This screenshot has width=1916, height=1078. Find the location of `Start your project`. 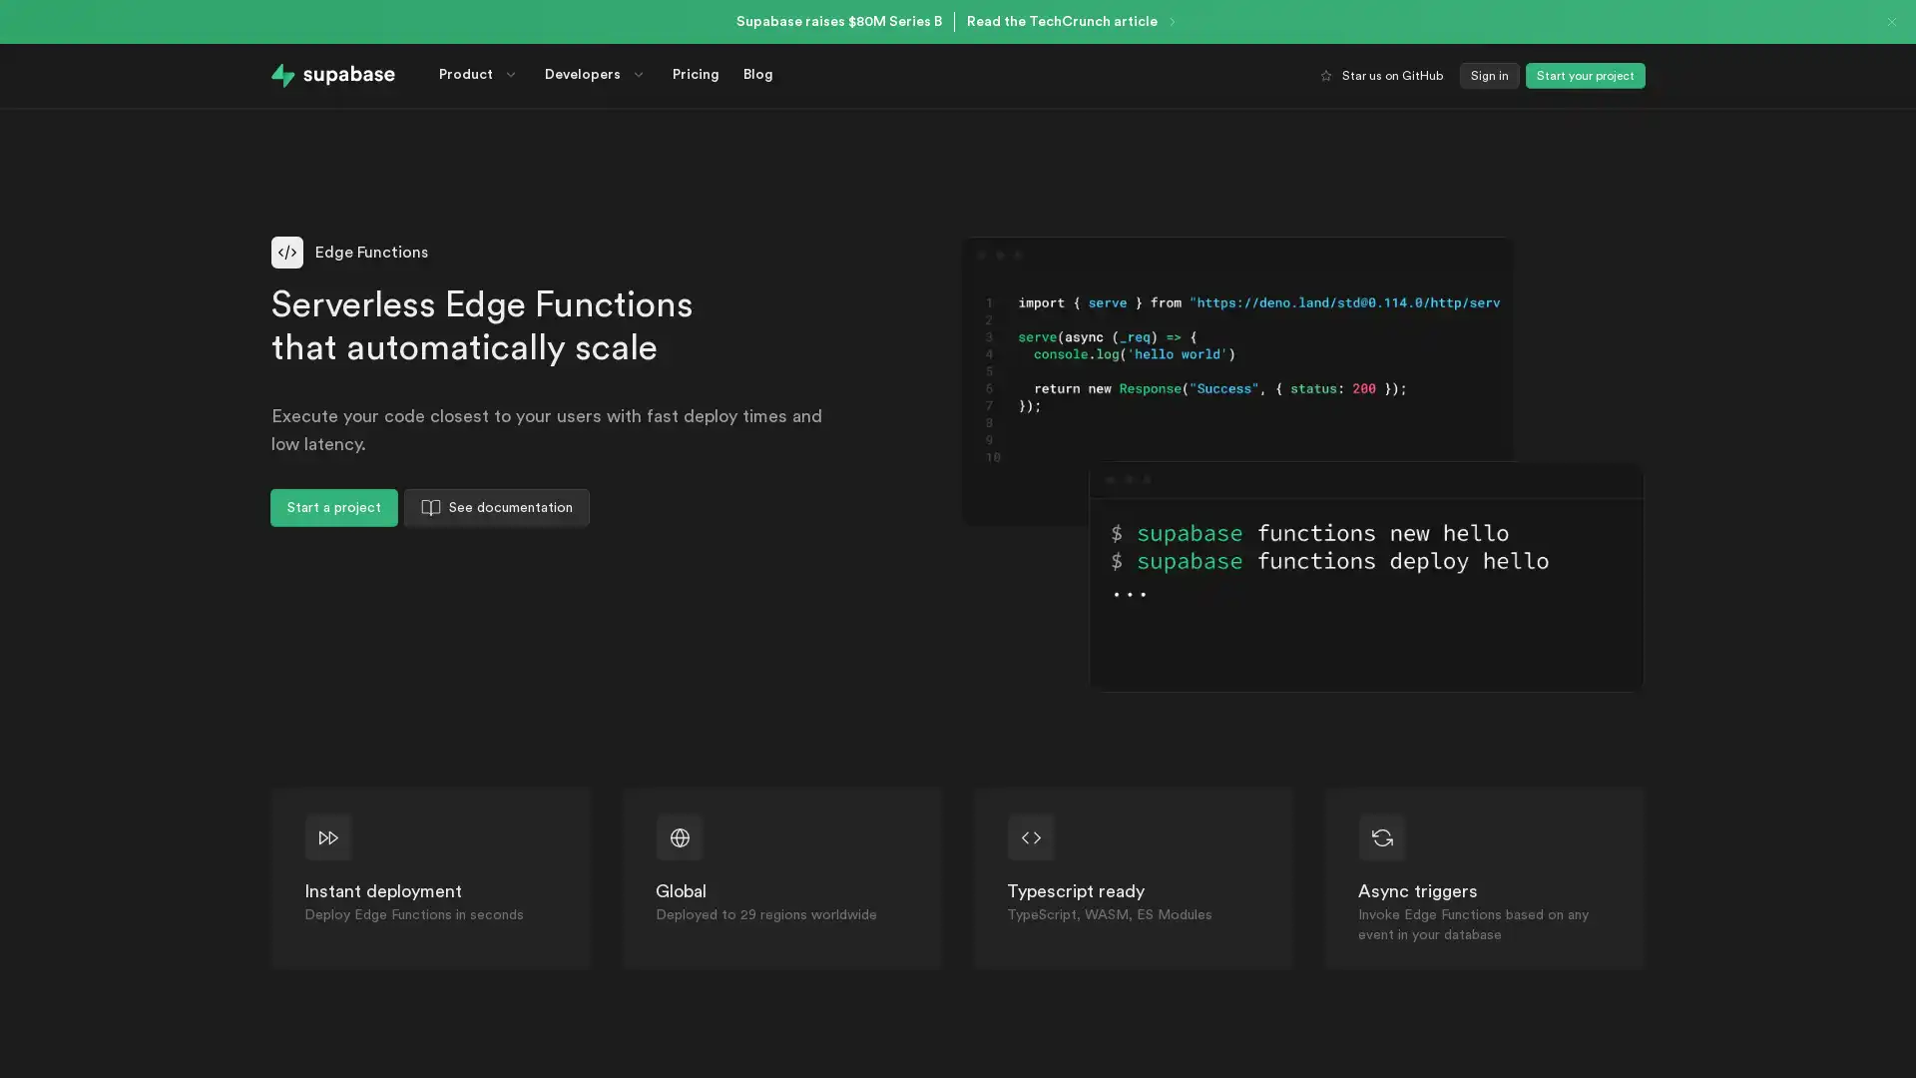

Start your project is located at coordinates (1584, 75).